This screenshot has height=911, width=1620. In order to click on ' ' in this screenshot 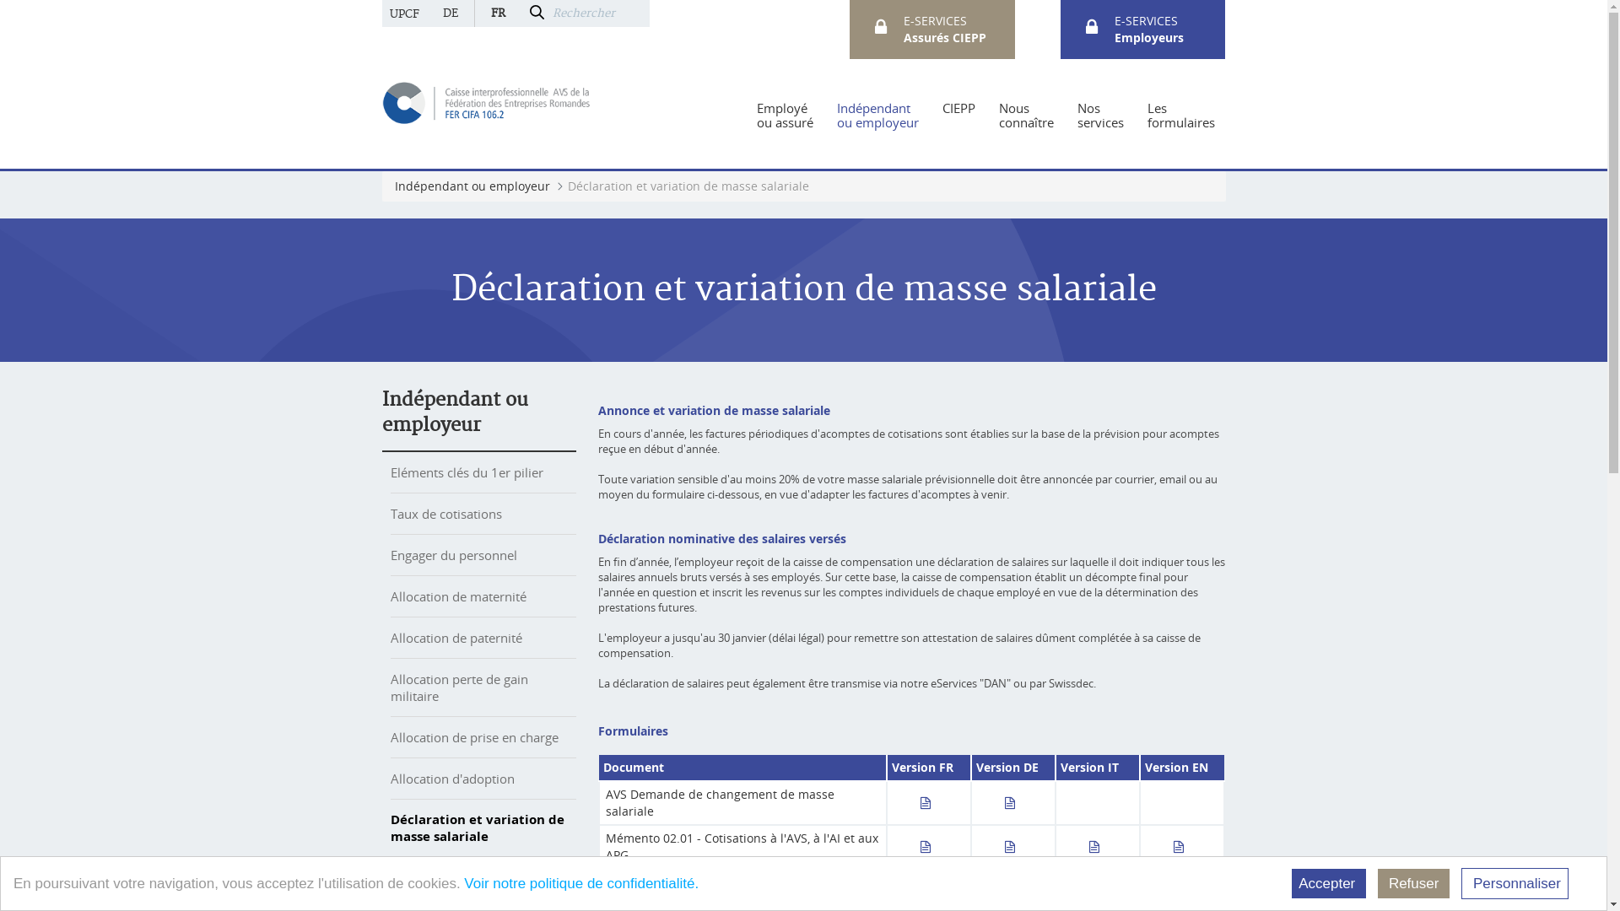, I will do `click(931, 802)`.